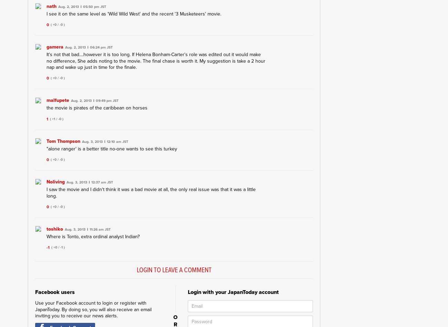 Image resolution: width=448 pixels, height=327 pixels. Describe the element at coordinates (46, 13) in the screenshot. I see `'I see it on the same level as 'Wild Wild West' and the recent '3 Musketeers' movie.'` at that location.